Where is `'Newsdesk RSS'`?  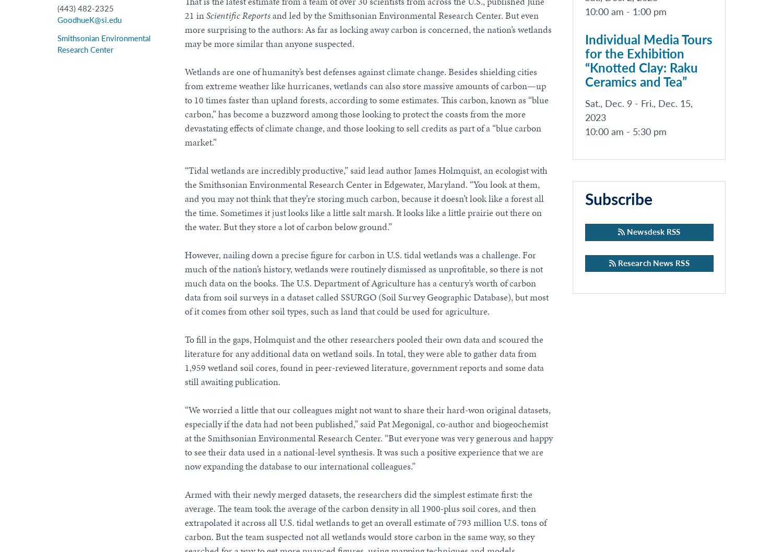
'Newsdesk RSS' is located at coordinates (651, 232).